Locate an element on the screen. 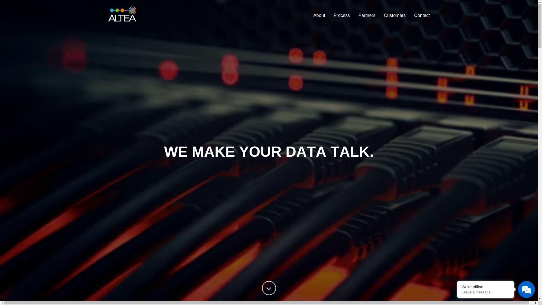  'About' is located at coordinates (319, 15).